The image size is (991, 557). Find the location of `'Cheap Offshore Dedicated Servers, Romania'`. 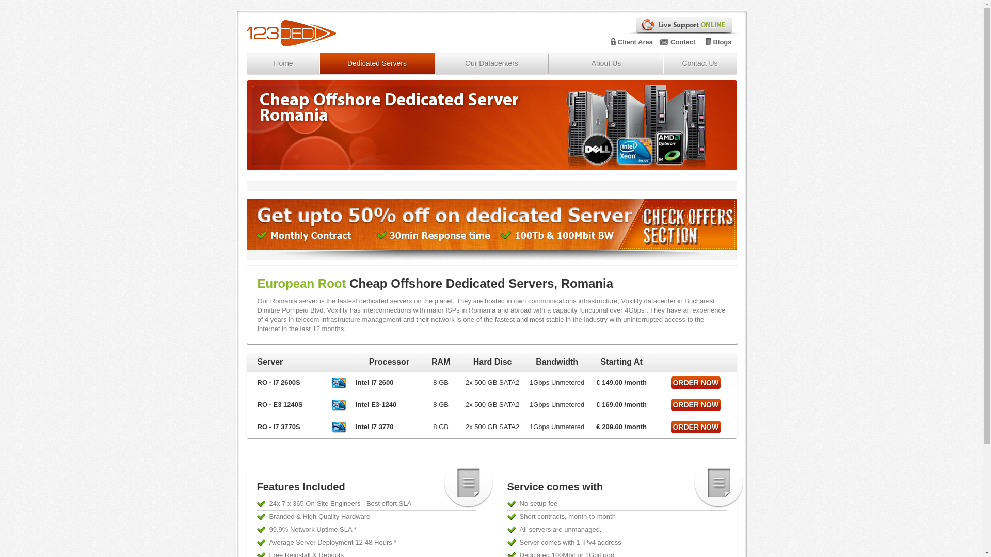

'Cheap Offshore Dedicated Servers, Romania' is located at coordinates (349, 283).